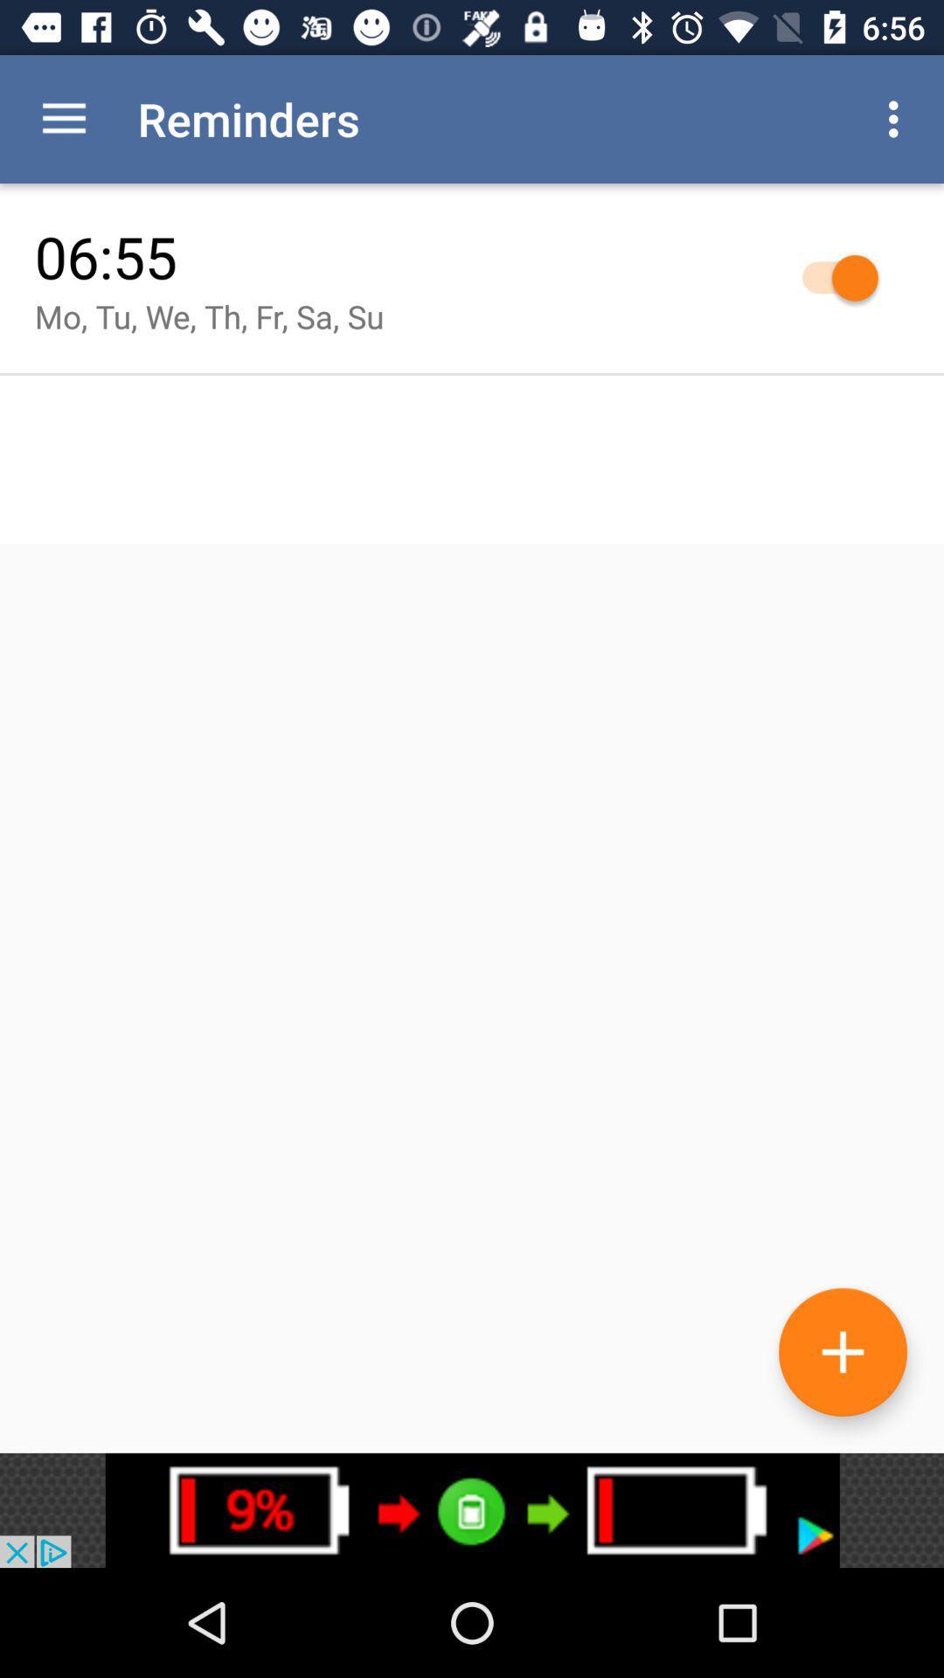 The height and width of the screenshot is (1678, 944). Describe the element at coordinates (472, 1509) in the screenshot. I see `open advertisement` at that location.